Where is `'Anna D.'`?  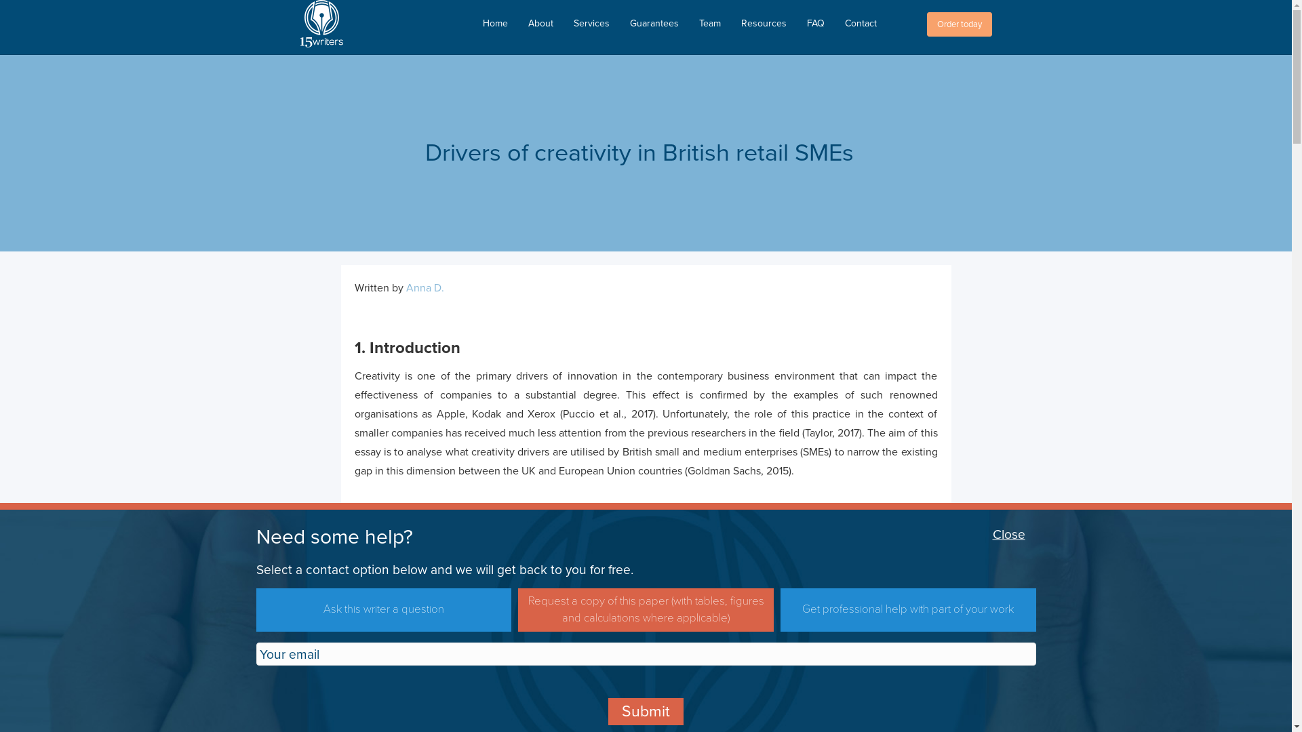
'Anna D.' is located at coordinates (423, 287).